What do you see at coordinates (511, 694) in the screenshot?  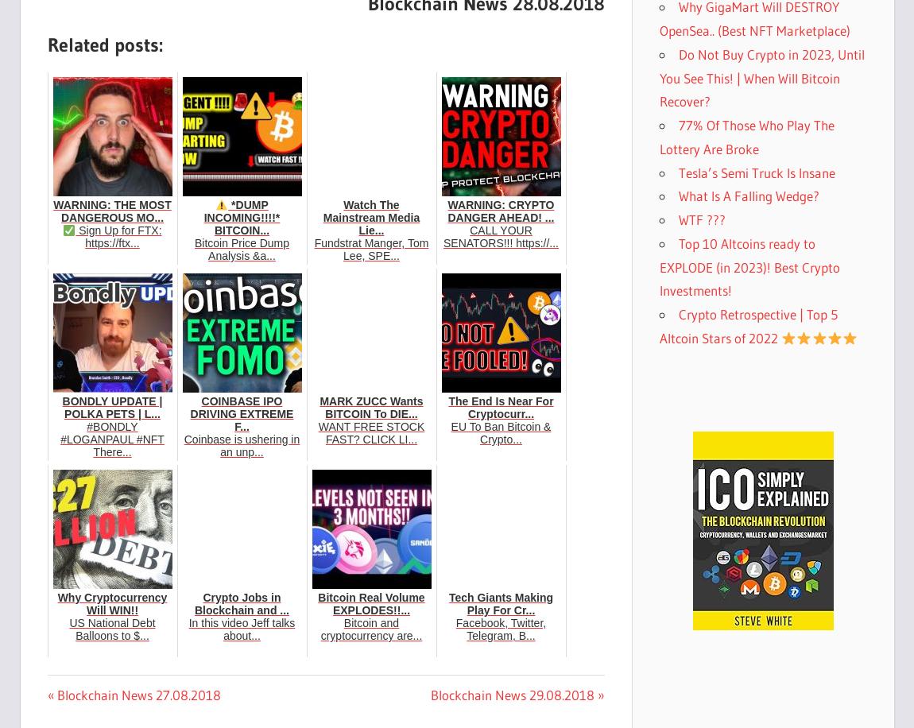 I see `'Blockchain News 29.08.2018'` at bounding box center [511, 694].